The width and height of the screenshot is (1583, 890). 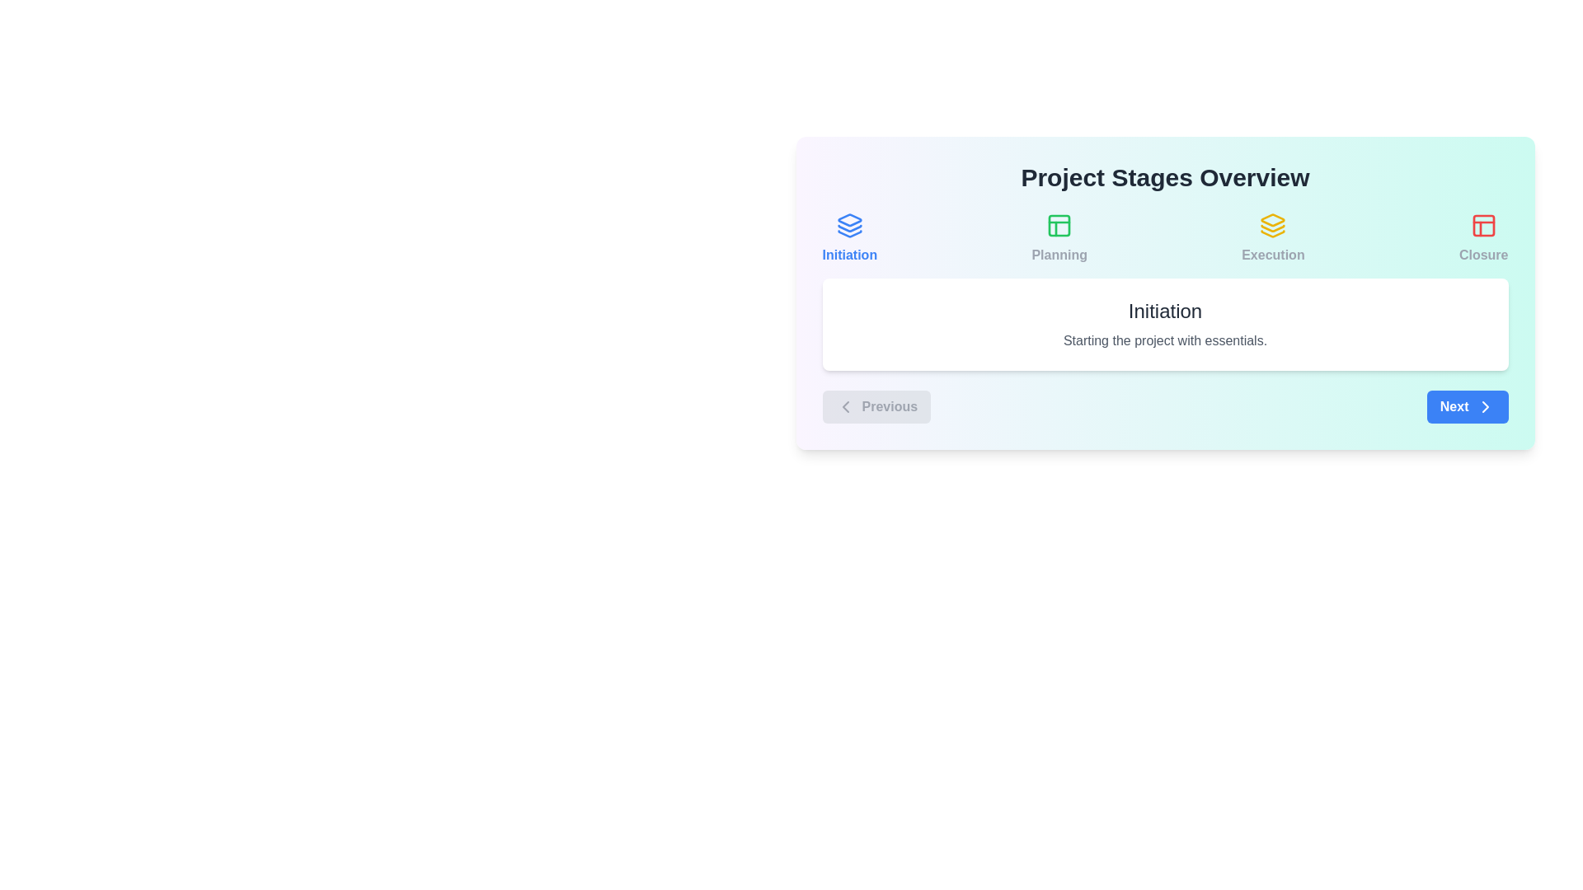 I want to click on the final stage icon labeled as 'Closure' in the Project Stages Overview panel, so click(x=1483, y=225).